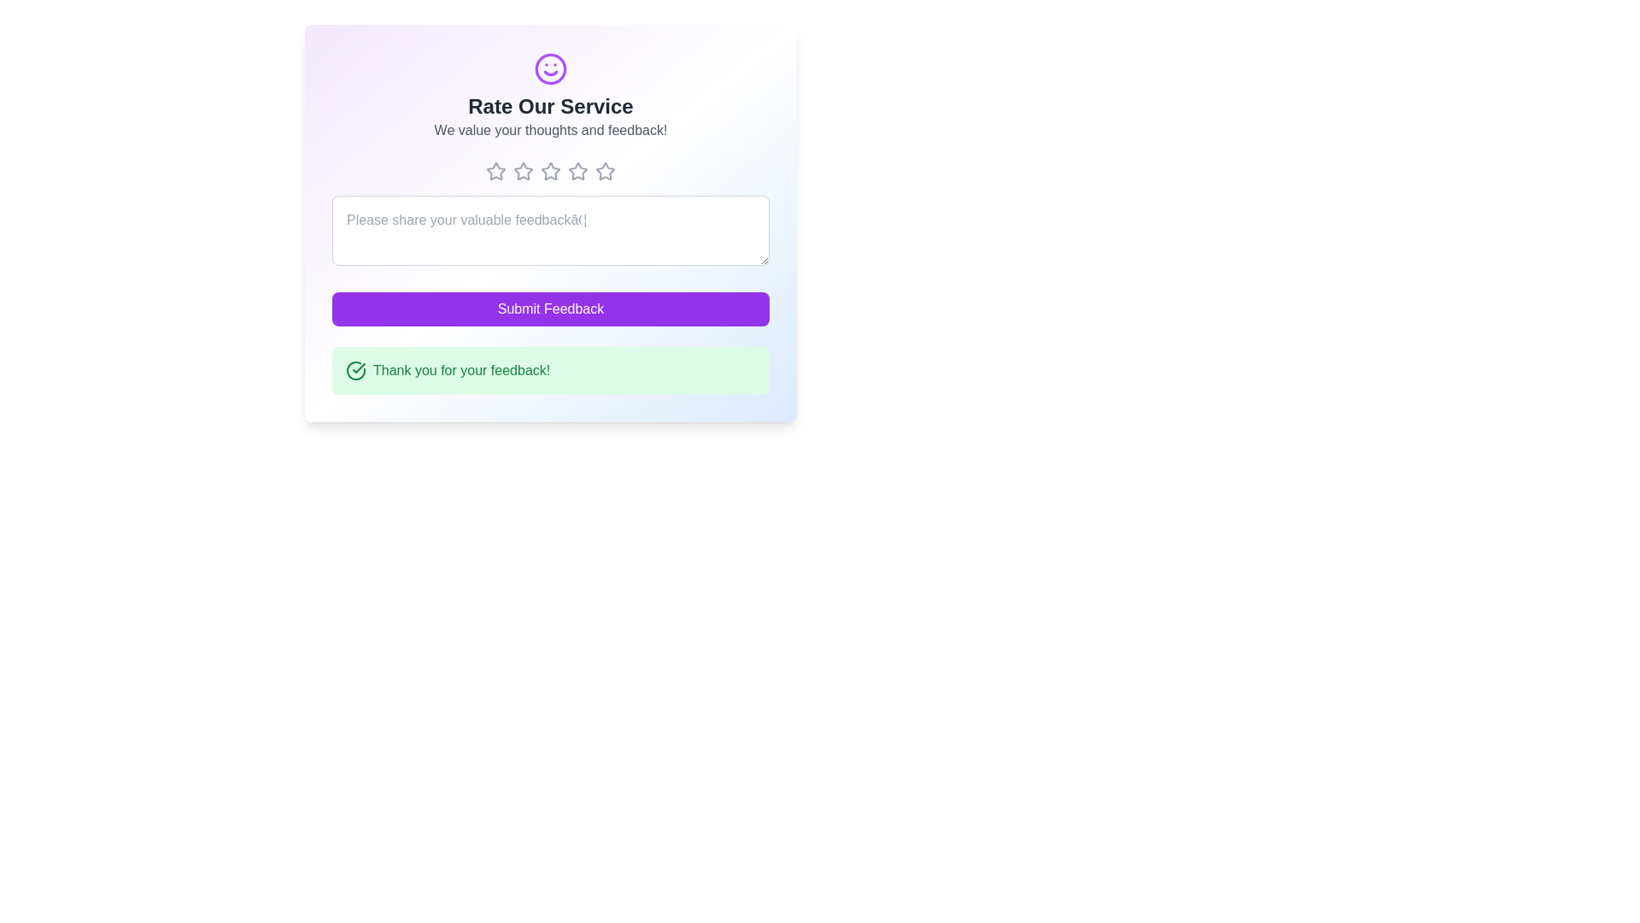  Describe the element at coordinates (523, 171) in the screenshot. I see `the second star icon in the rating system located below 'Rate Our Service'` at that location.